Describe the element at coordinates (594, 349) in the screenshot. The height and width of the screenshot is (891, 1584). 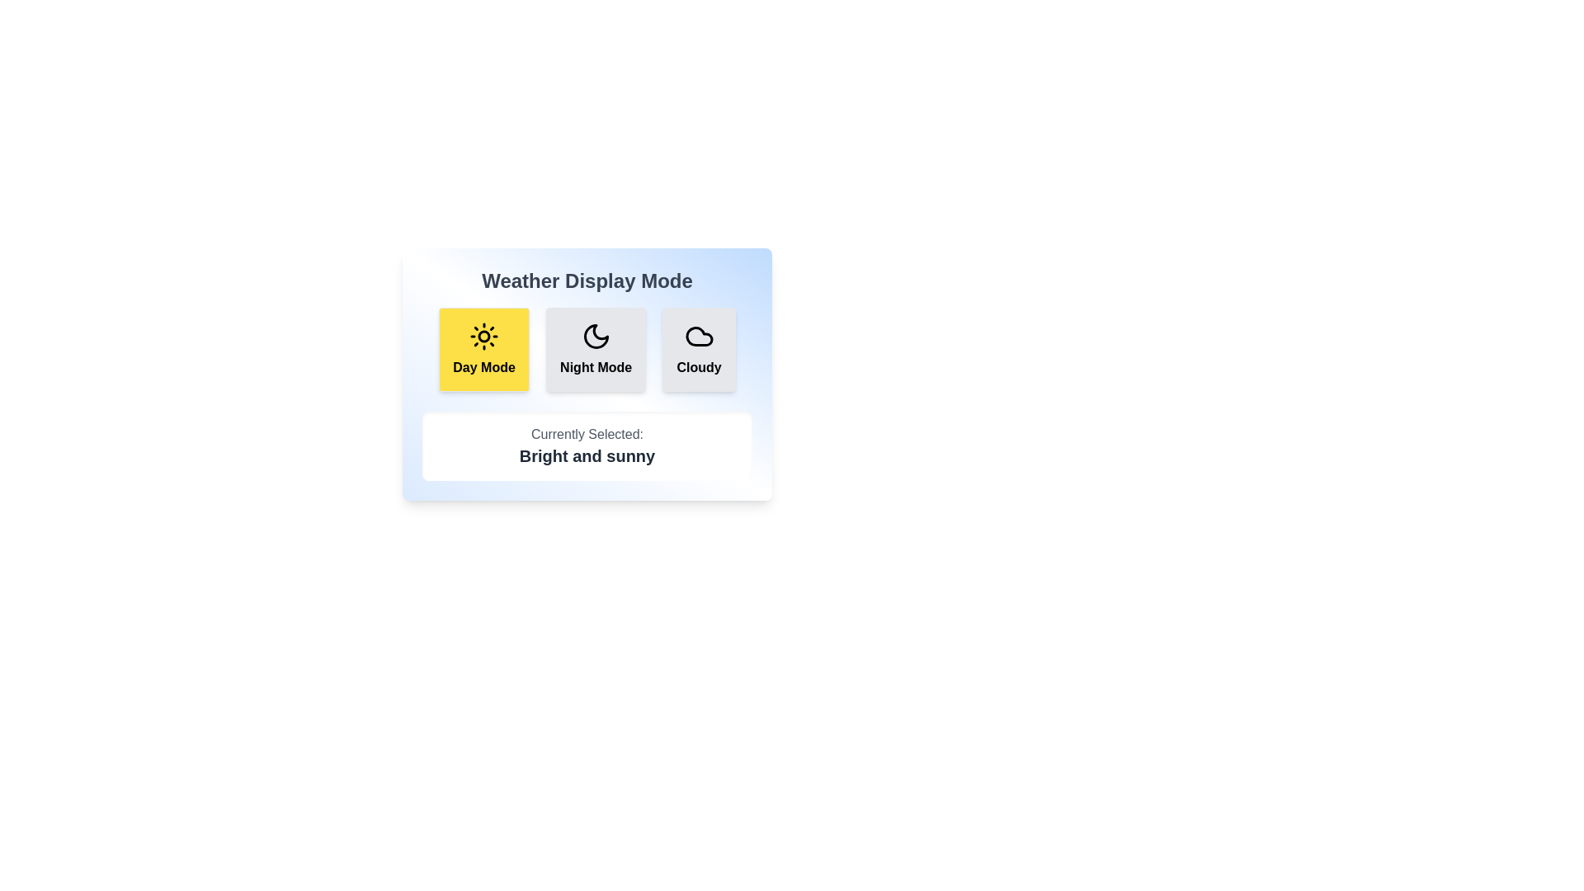
I see `the weather display mode by clicking on the button corresponding to Night Mode` at that location.